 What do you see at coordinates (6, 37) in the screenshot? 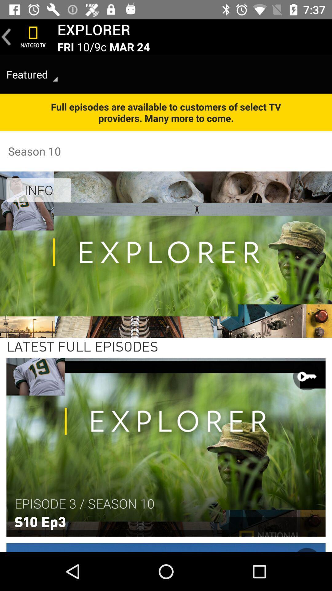
I see `go back` at bounding box center [6, 37].